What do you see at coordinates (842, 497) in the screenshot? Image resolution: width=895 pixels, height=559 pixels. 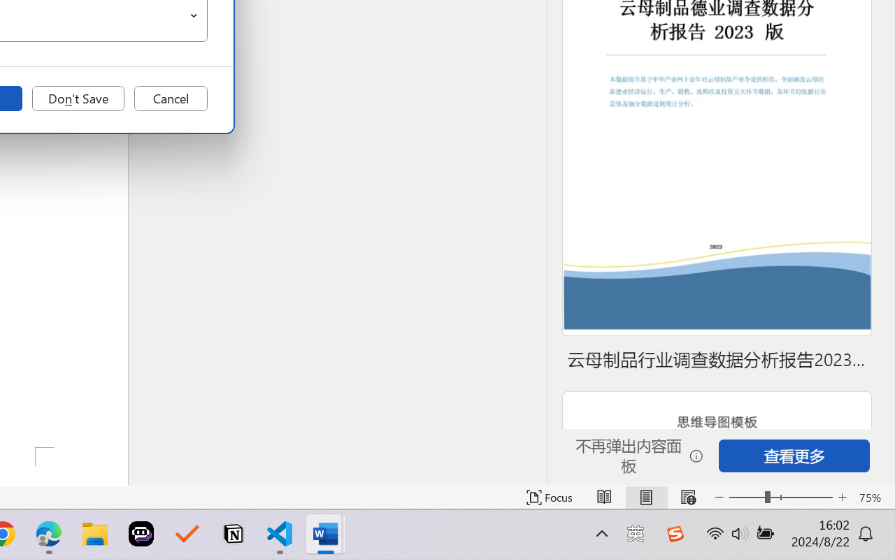 I see `'Zoom In'` at bounding box center [842, 497].